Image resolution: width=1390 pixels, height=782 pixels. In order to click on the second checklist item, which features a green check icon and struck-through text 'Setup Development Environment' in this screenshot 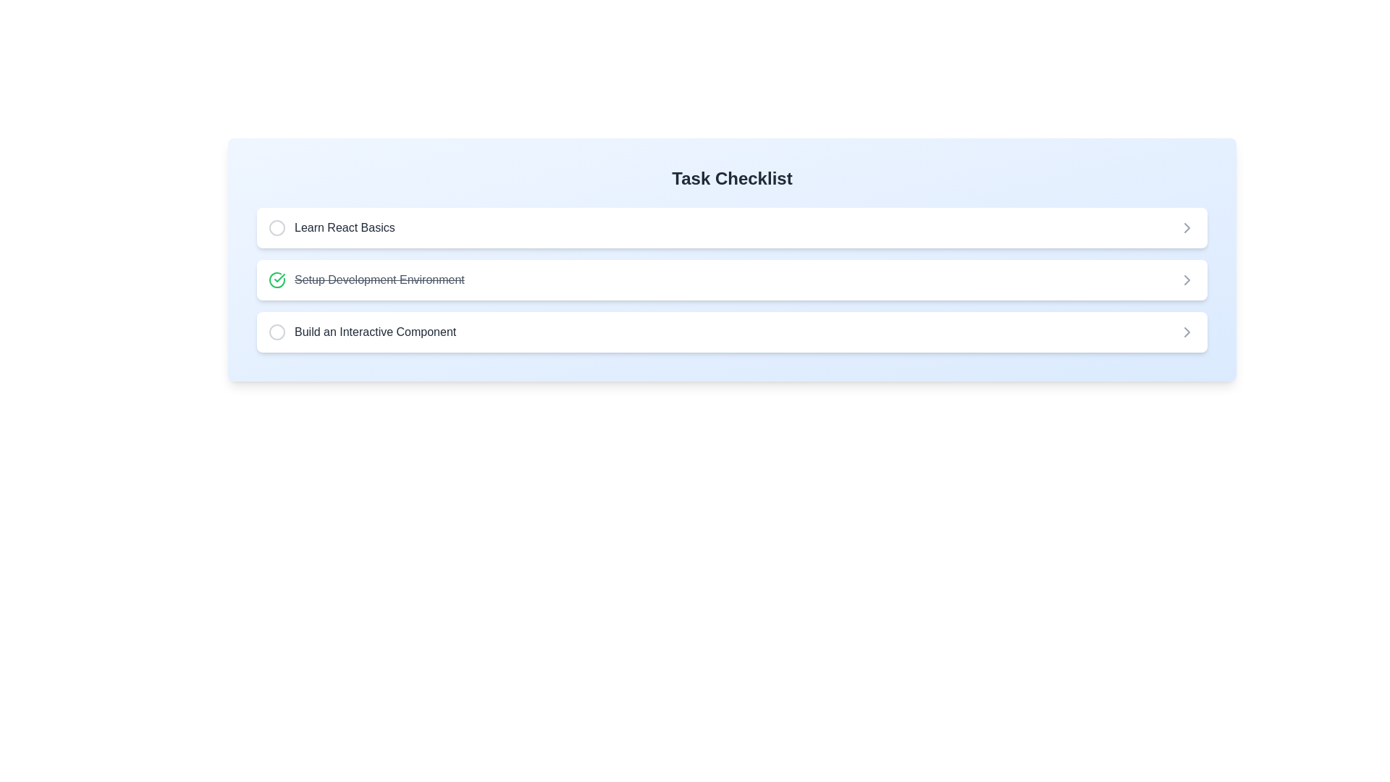, I will do `click(732, 279)`.